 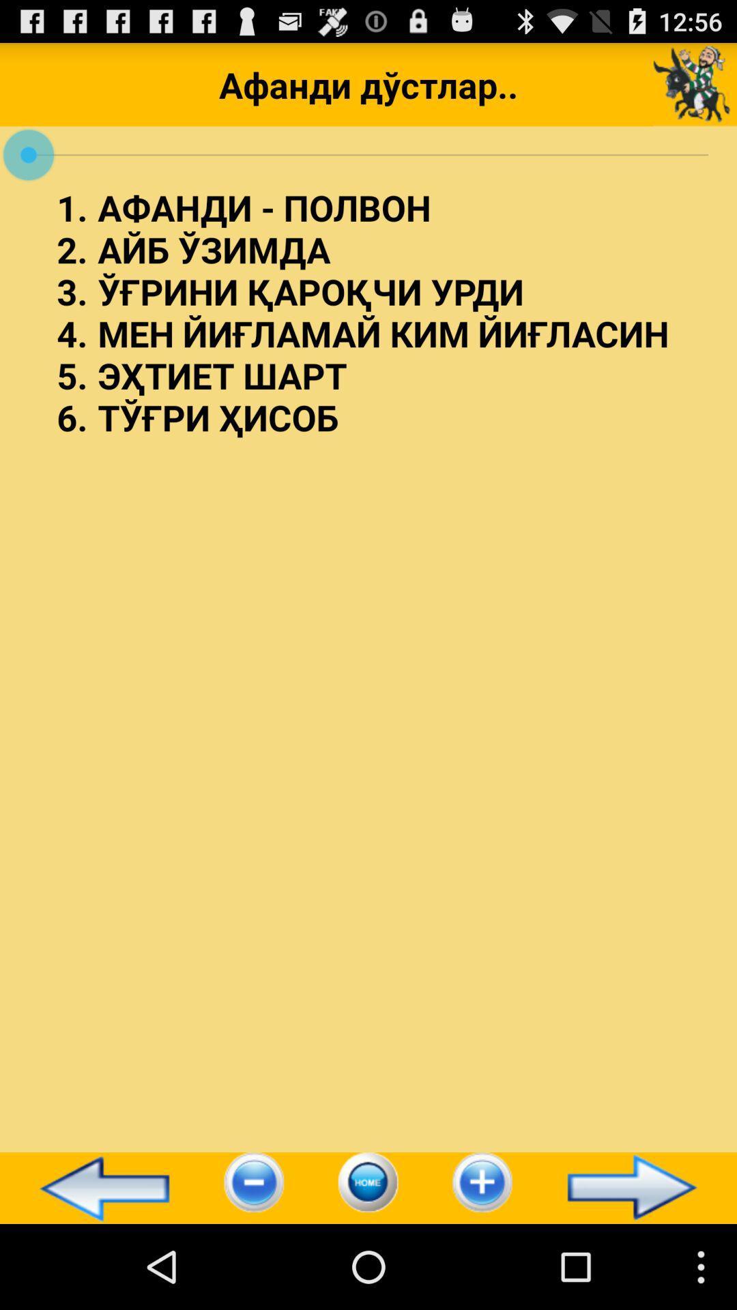 I want to click on item at the bottom left corner, so click(x=98, y=1187).